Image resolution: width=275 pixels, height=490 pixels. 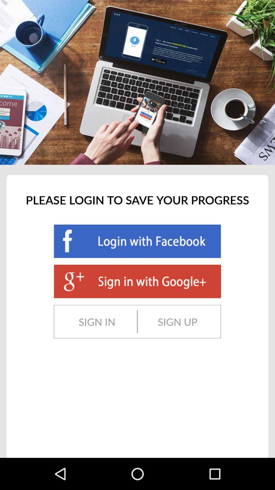 What do you see at coordinates (137, 281) in the screenshot?
I see `sign into an application with your google+ account` at bounding box center [137, 281].